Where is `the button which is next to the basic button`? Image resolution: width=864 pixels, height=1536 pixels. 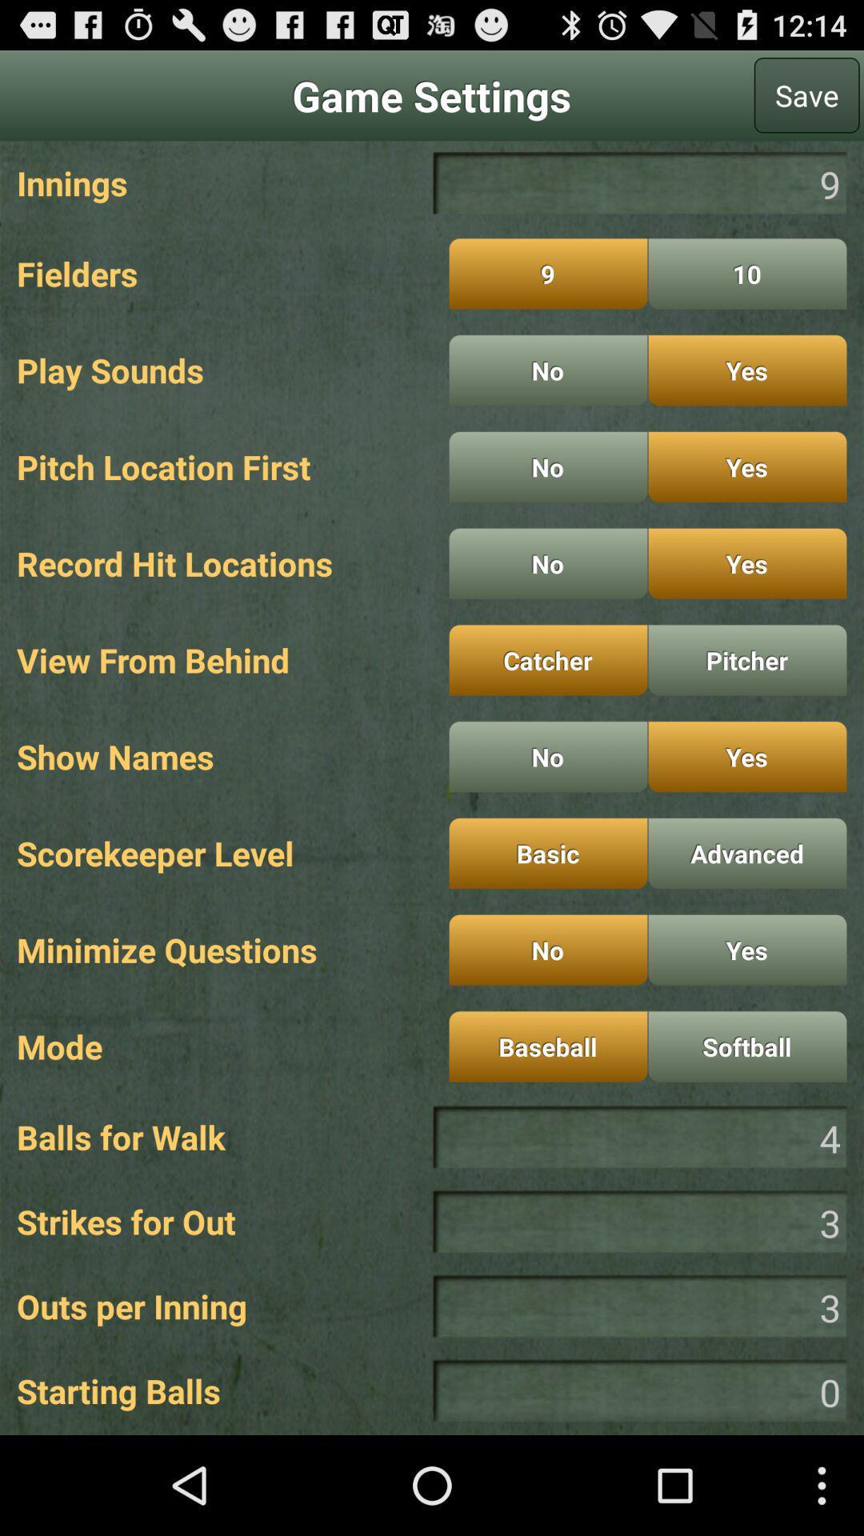
the button which is next to the basic button is located at coordinates (747, 852).